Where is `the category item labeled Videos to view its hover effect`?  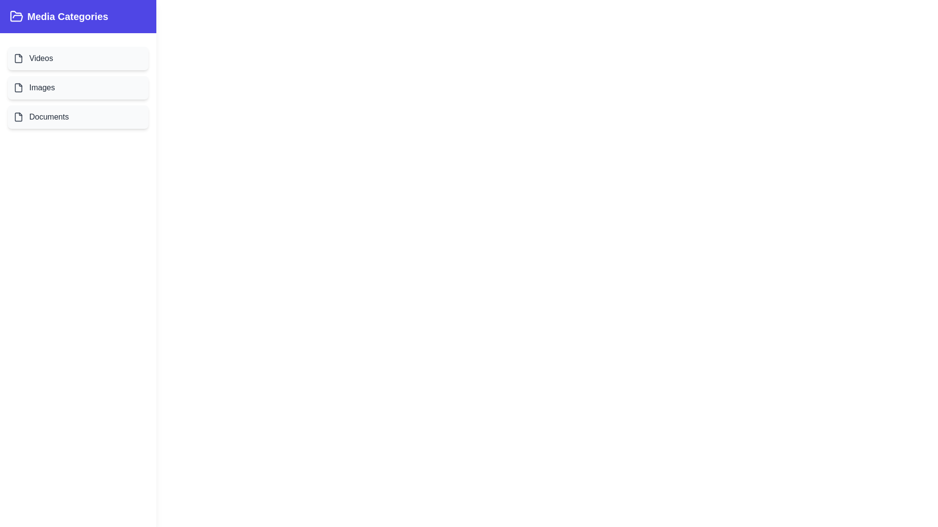 the category item labeled Videos to view its hover effect is located at coordinates (77, 58).